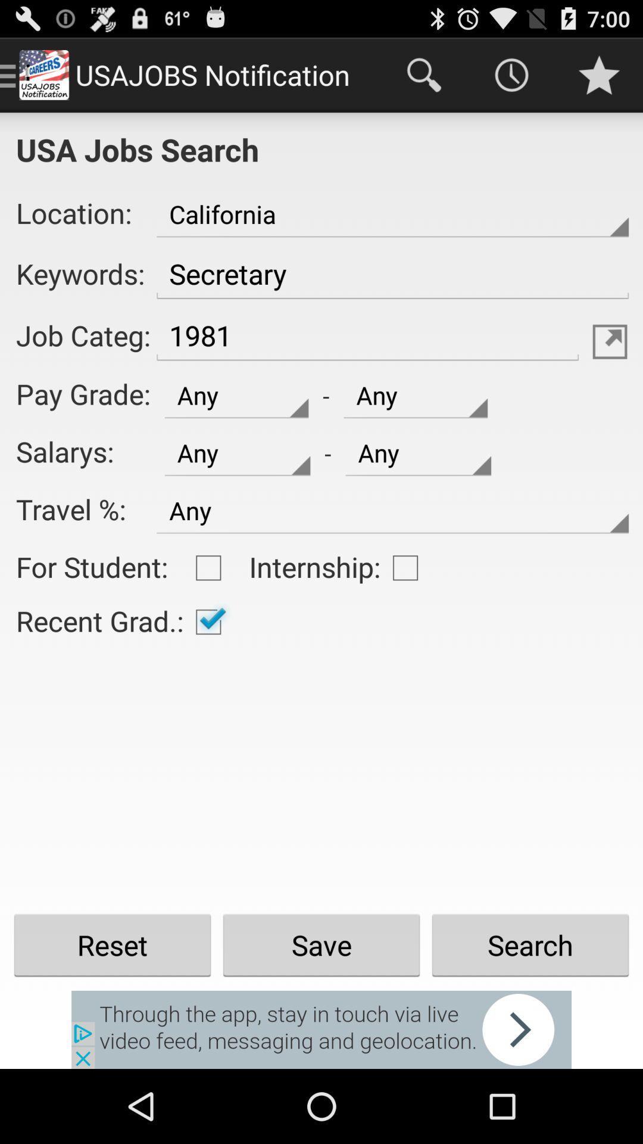  What do you see at coordinates (321, 1029) in the screenshot?
I see `live video feed` at bounding box center [321, 1029].